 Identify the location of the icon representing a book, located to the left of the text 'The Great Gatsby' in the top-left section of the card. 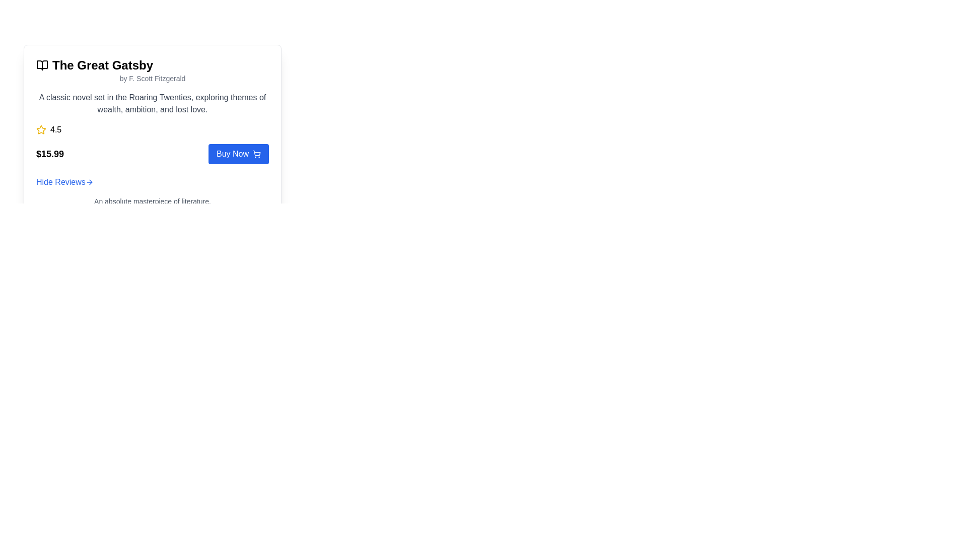
(41, 65).